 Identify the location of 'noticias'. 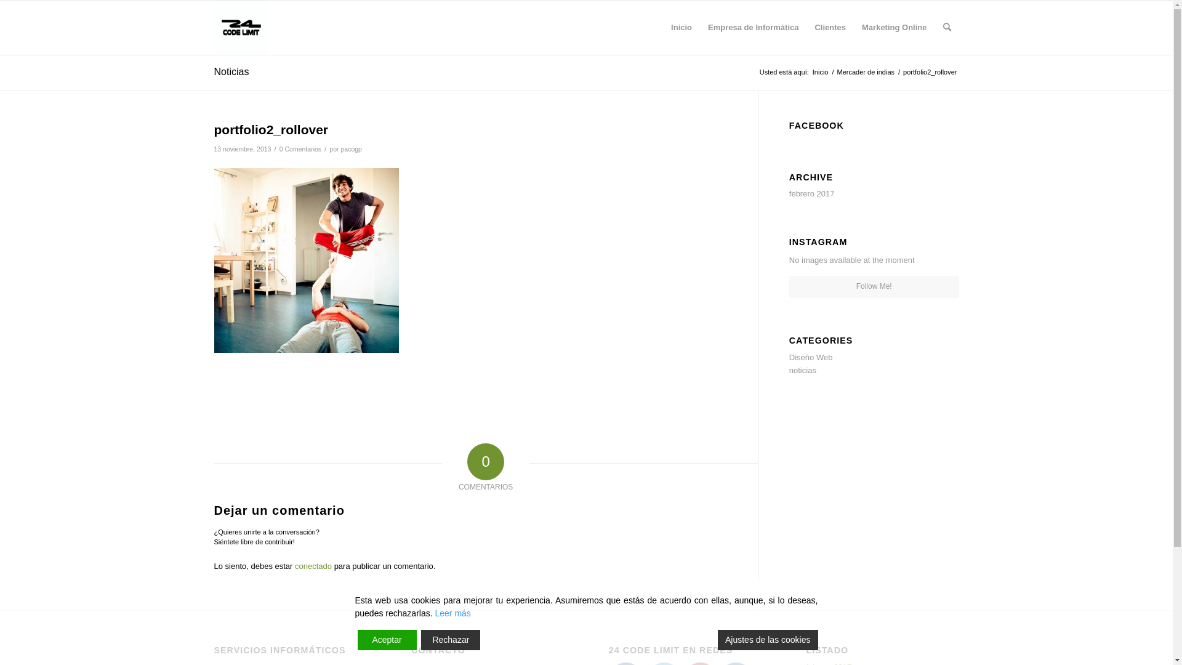
(803, 369).